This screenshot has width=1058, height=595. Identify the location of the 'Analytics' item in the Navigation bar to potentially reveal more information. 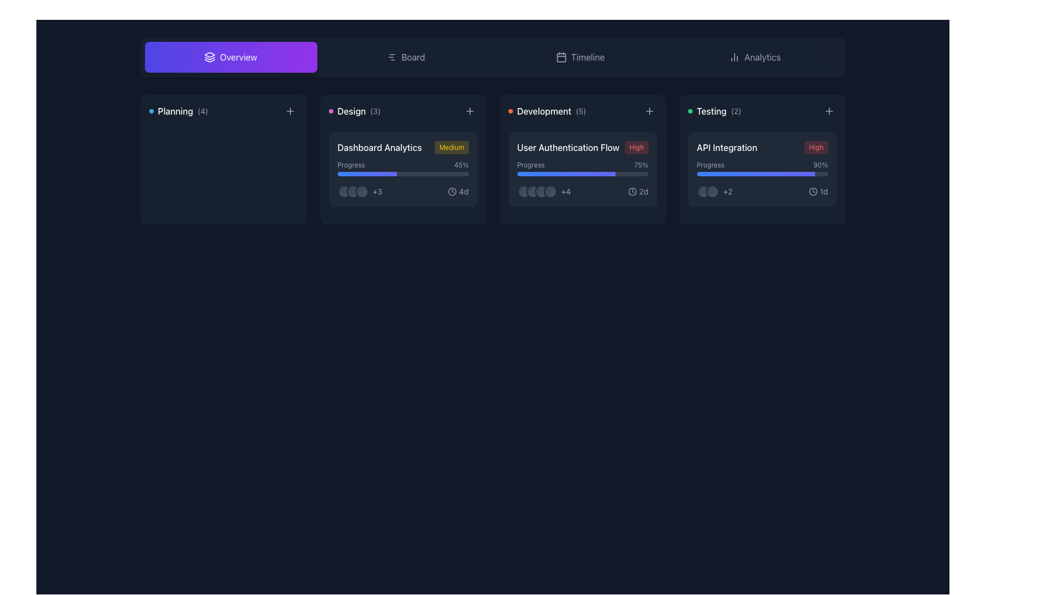
(492, 57).